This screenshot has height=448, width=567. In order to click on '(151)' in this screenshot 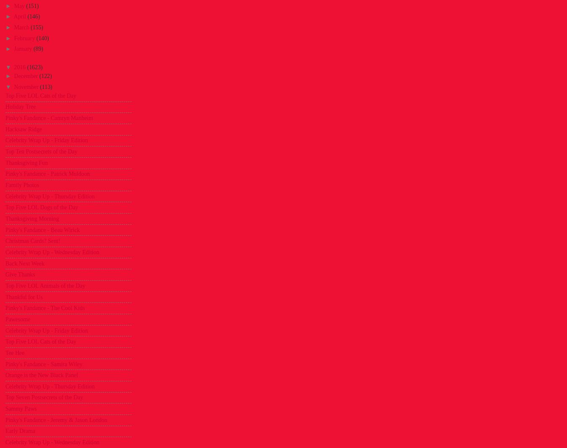, I will do `click(31, 5)`.